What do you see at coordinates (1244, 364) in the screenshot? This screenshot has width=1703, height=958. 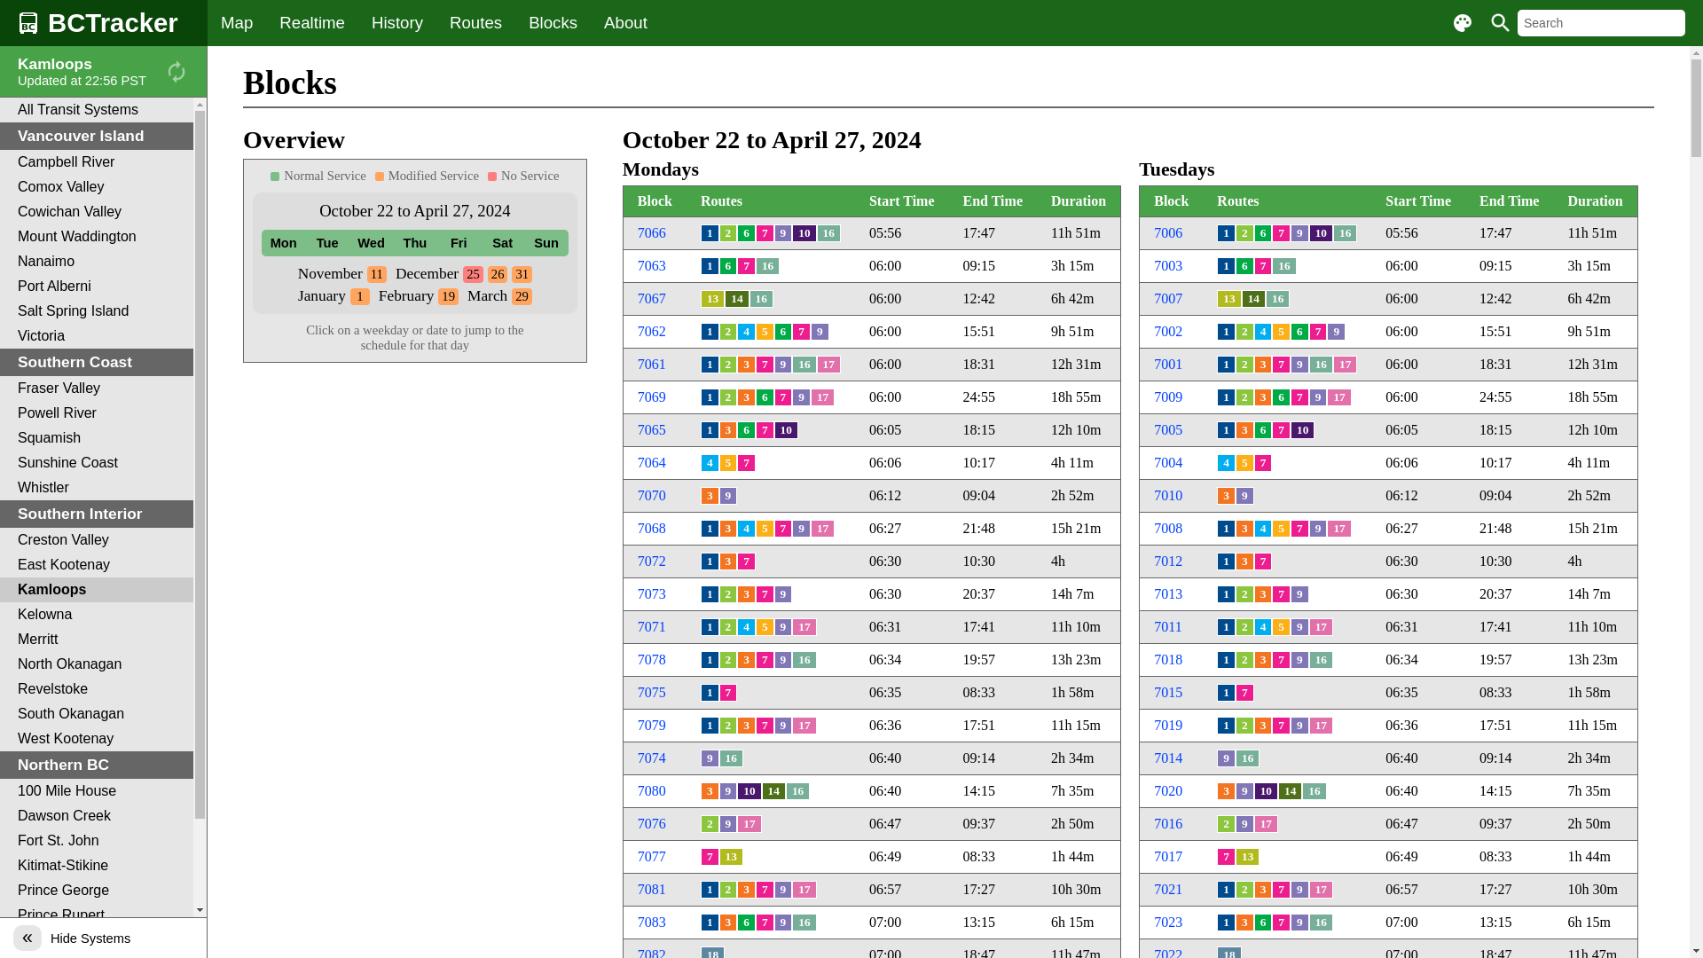 I see `'2'` at bounding box center [1244, 364].